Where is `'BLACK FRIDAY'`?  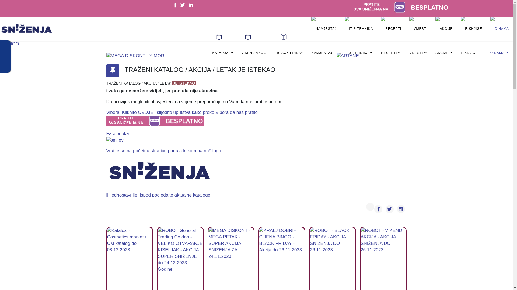 'BLACK FRIDAY' is located at coordinates (289, 49).